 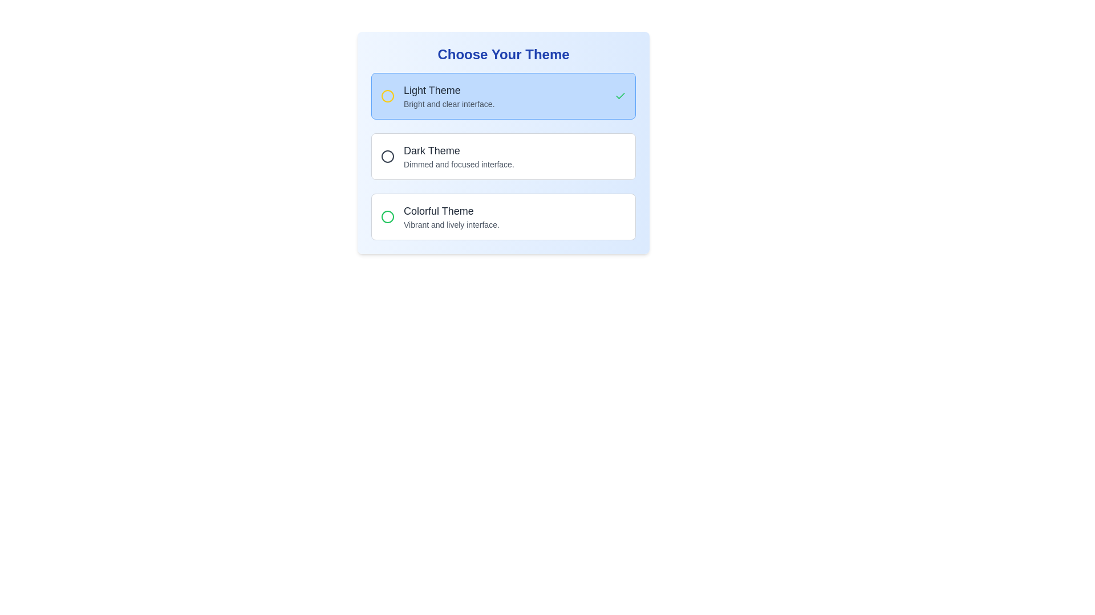 I want to click on text label displaying 'Vibrant and lively interface.' located below the 'Colorful Theme' header in the theme options list, so click(x=451, y=224).